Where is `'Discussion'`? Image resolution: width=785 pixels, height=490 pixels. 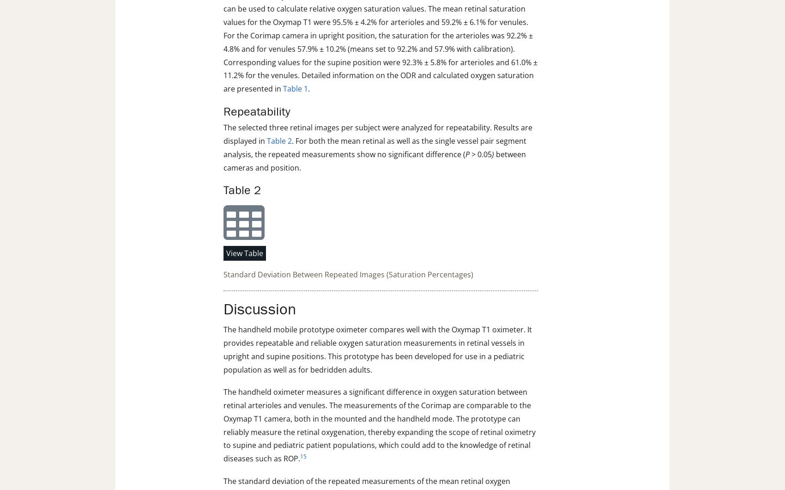 'Discussion' is located at coordinates (259, 309).